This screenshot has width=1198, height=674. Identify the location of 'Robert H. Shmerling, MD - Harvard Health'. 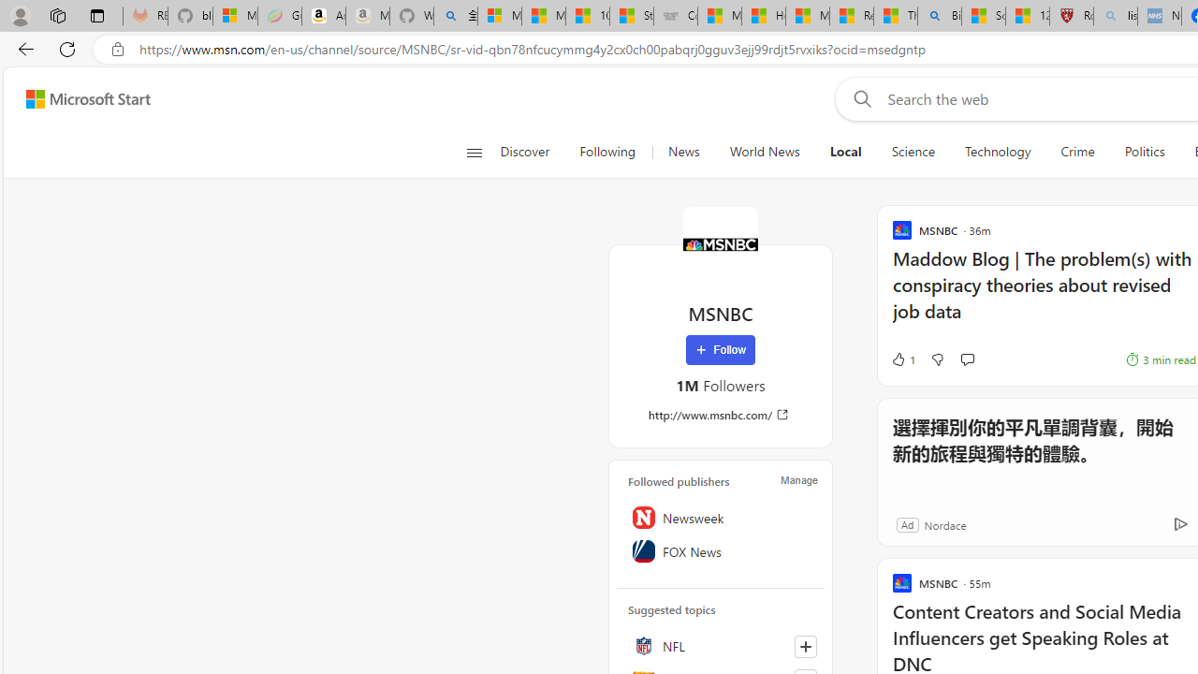
(1072, 16).